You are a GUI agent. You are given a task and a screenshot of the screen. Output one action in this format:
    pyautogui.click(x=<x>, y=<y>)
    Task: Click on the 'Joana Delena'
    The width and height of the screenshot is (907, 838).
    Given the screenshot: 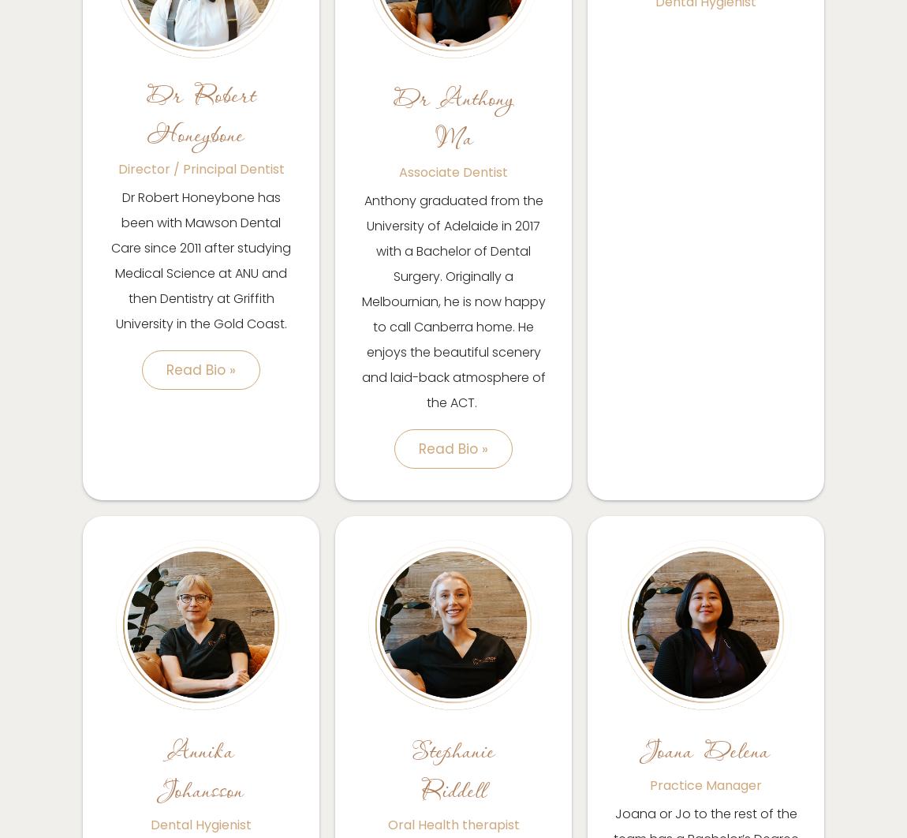 What is the action you would take?
    pyautogui.click(x=706, y=750)
    